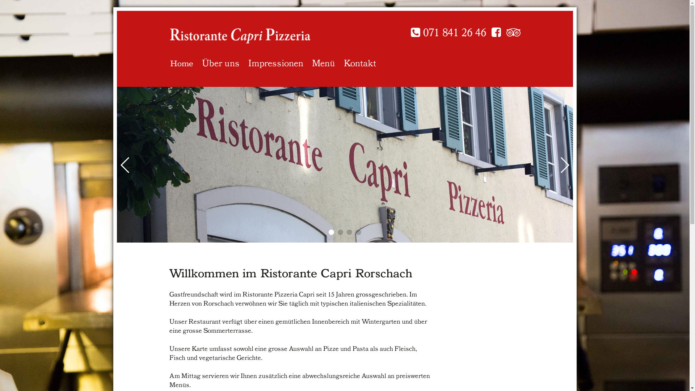 The height and width of the screenshot is (391, 695). Describe the element at coordinates (360, 61) in the screenshot. I see `'Kontakt'` at that location.